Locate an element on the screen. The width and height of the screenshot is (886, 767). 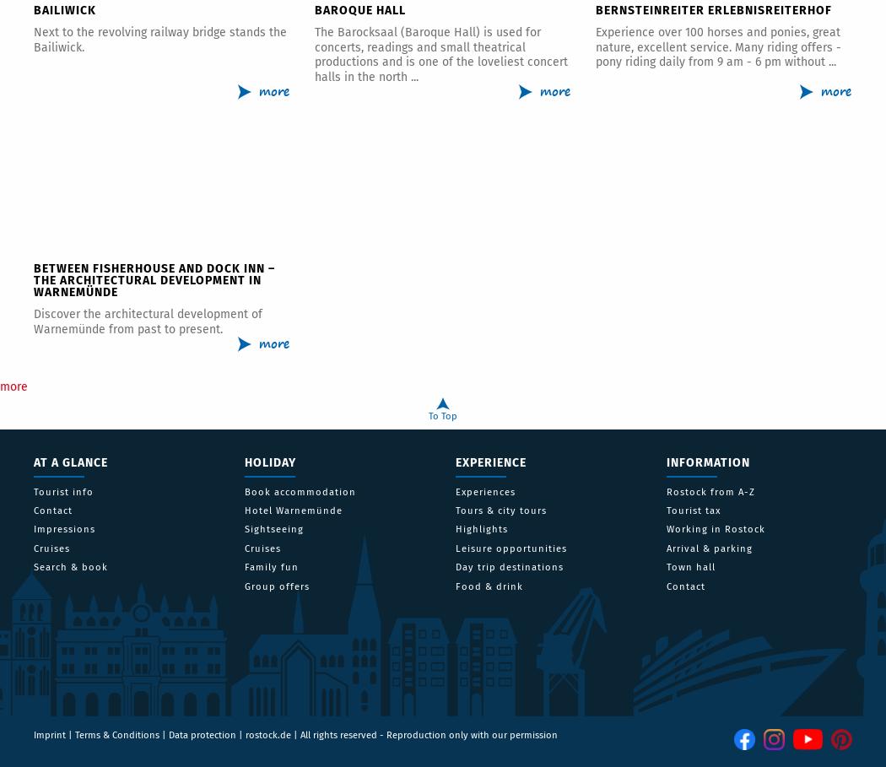
'Highlights' is located at coordinates (480, 529).